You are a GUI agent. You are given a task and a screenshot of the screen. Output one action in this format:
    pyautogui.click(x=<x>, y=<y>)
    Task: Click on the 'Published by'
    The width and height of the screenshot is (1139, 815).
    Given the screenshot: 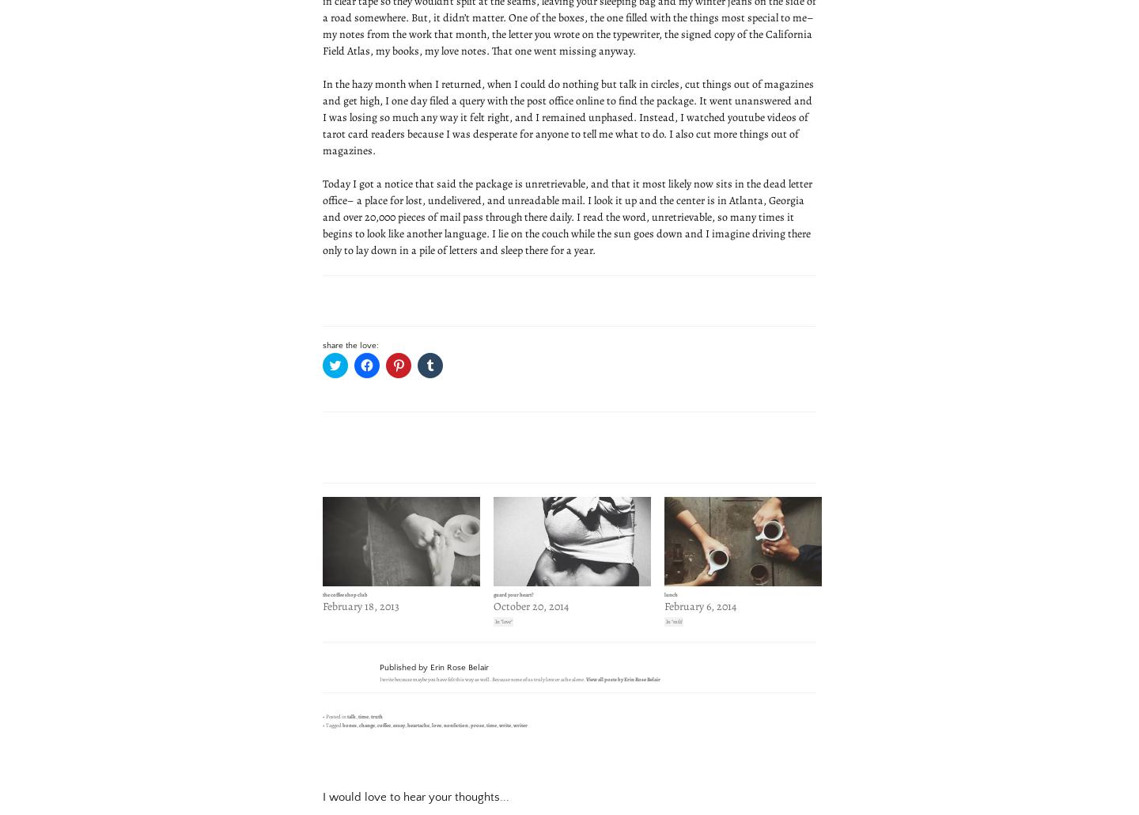 What is the action you would take?
    pyautogui.click(x=404, y=665)
    